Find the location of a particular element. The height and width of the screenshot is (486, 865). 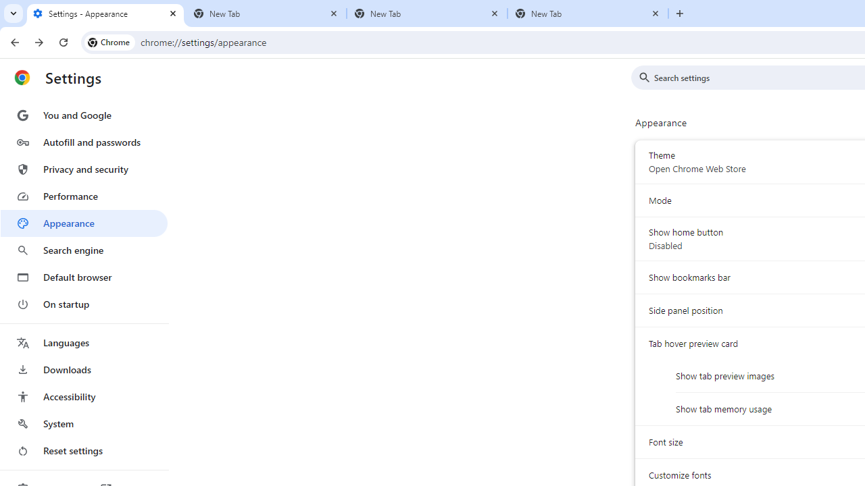

'Settings - Appearance' is located at coordinates (105, 13).